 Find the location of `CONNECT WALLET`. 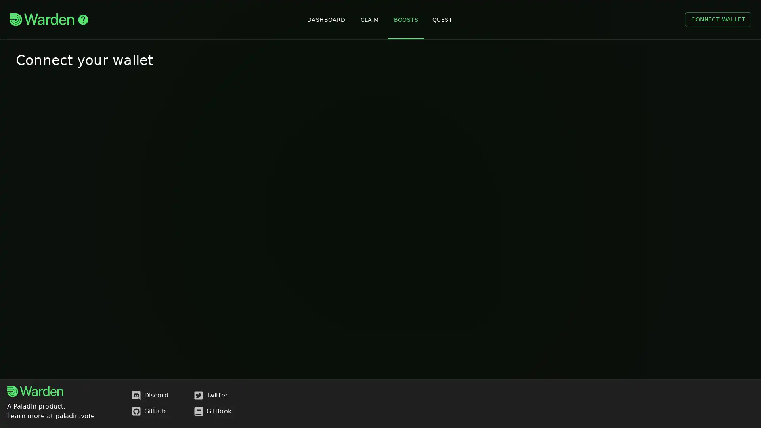

CONNECT WALLET is located at coordinates (718, 19).